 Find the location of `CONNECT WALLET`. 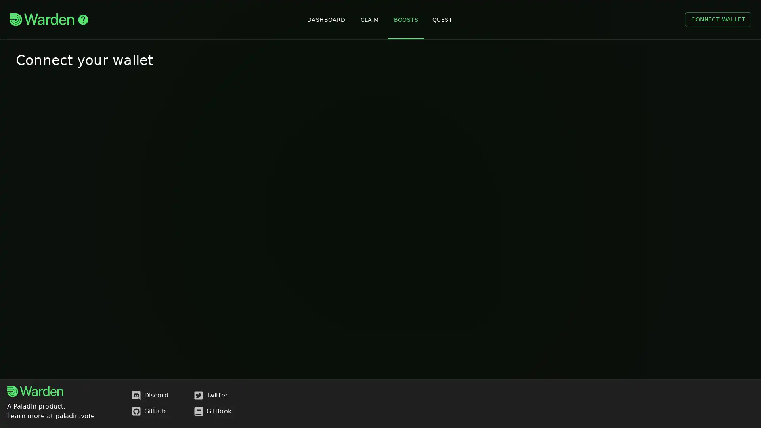

CONNECT WALLET is located at coordinates (718, 19).